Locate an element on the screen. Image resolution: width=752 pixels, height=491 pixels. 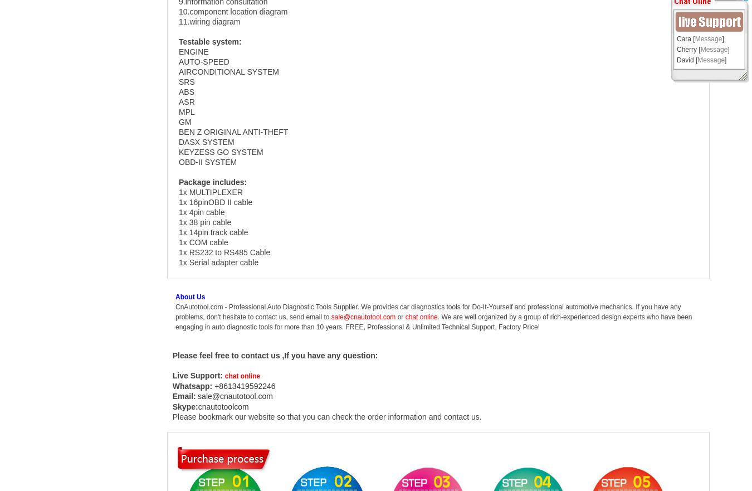
'1x 4pin cable' is located at coordinates (202, 212).